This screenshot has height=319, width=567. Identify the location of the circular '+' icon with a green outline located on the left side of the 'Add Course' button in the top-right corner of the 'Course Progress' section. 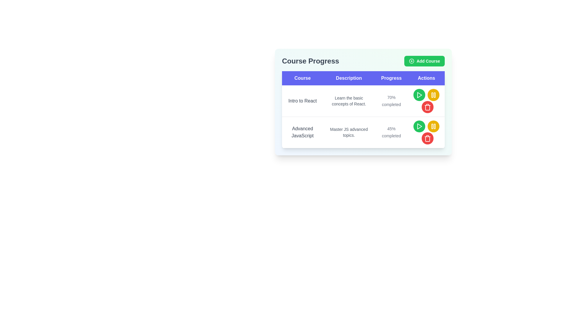
(411, 61).